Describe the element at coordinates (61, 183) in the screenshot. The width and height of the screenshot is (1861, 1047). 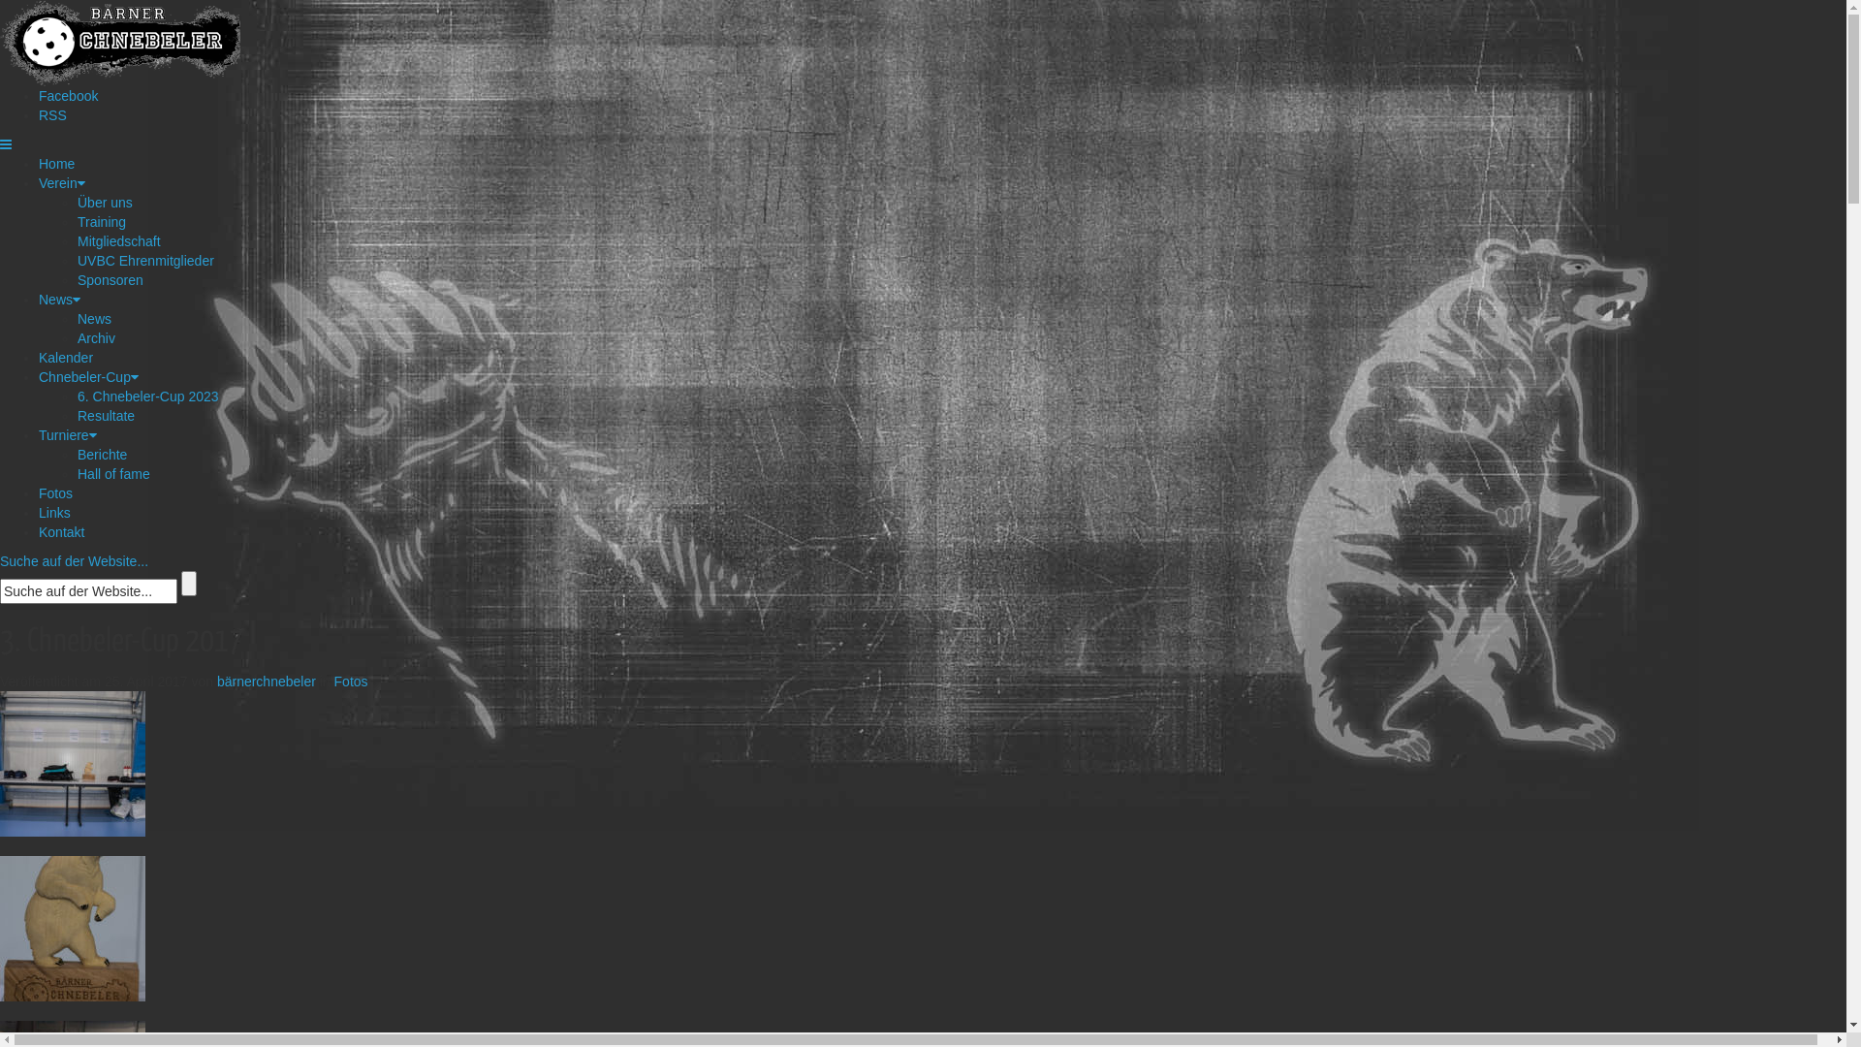
I see `'Verein'` at that location.